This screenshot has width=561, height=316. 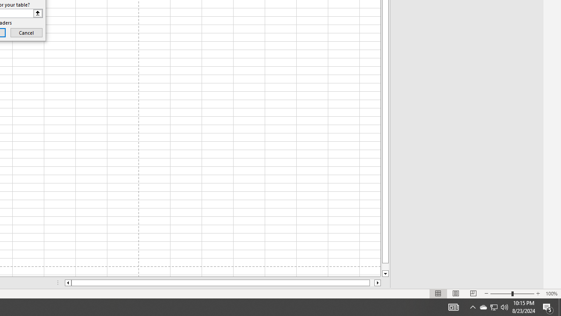 What do you see at coordinates (456, 294) in the screenshot?
I see `'Page Layout'` at bounding box center [456, 294].